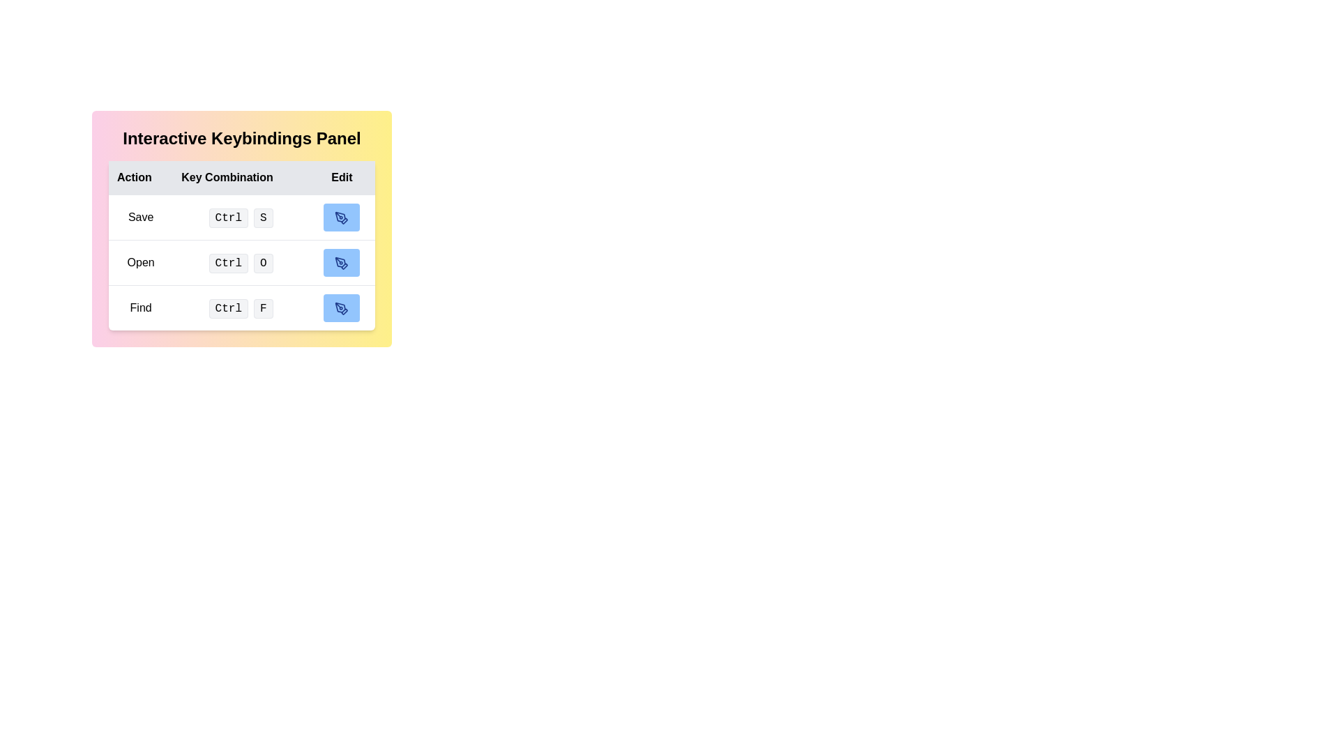 The width and height of the screenshot is (1339, 753). Describe the element at coordinates (342, 307) in the screenshot. I see `the interactive icon in the 'Edit' column for the 'Find' functionality to initiate an edit action in the 'Interactive Keybindings Panel'` at that location.